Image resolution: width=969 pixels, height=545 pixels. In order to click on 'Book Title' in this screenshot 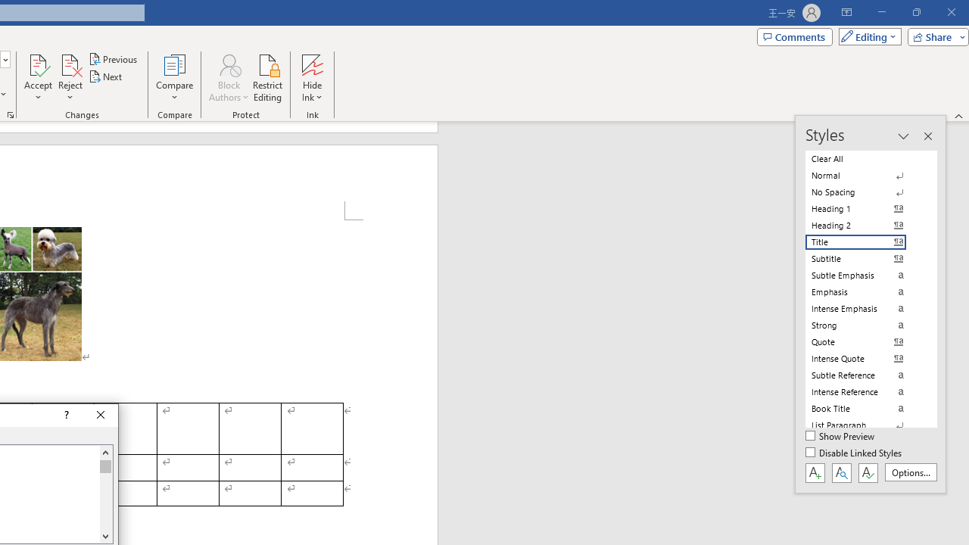, I will do `click(865, 409)`.